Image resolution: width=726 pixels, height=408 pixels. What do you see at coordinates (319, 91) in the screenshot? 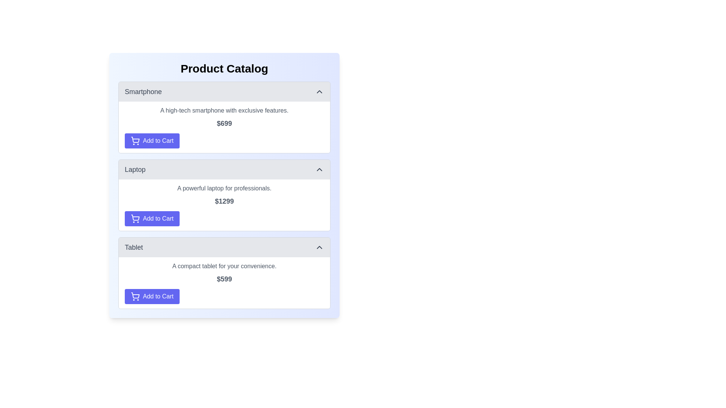
I see `the interactive collapse/expand icon located in the top-right corner of the 'Smartphone' panel` at bounding box center [319, 91].